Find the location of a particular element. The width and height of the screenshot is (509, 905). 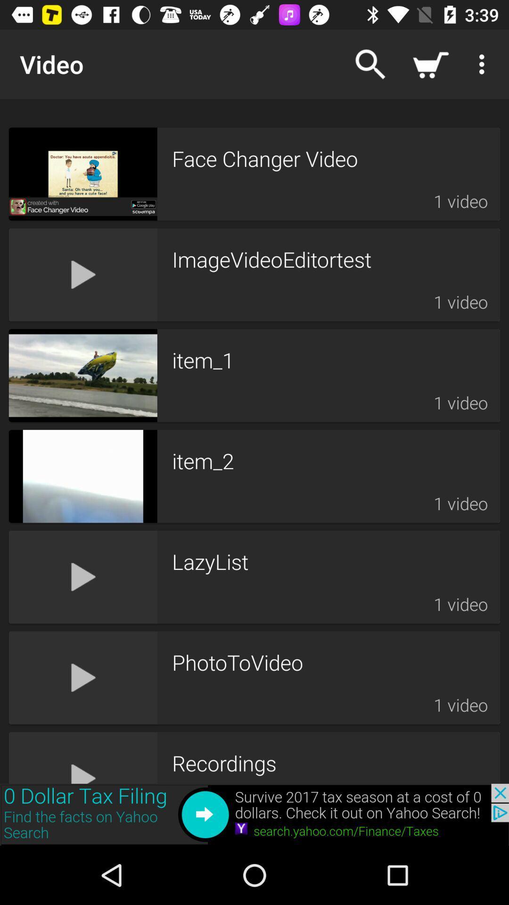

back is located at coordinates (254, 814).